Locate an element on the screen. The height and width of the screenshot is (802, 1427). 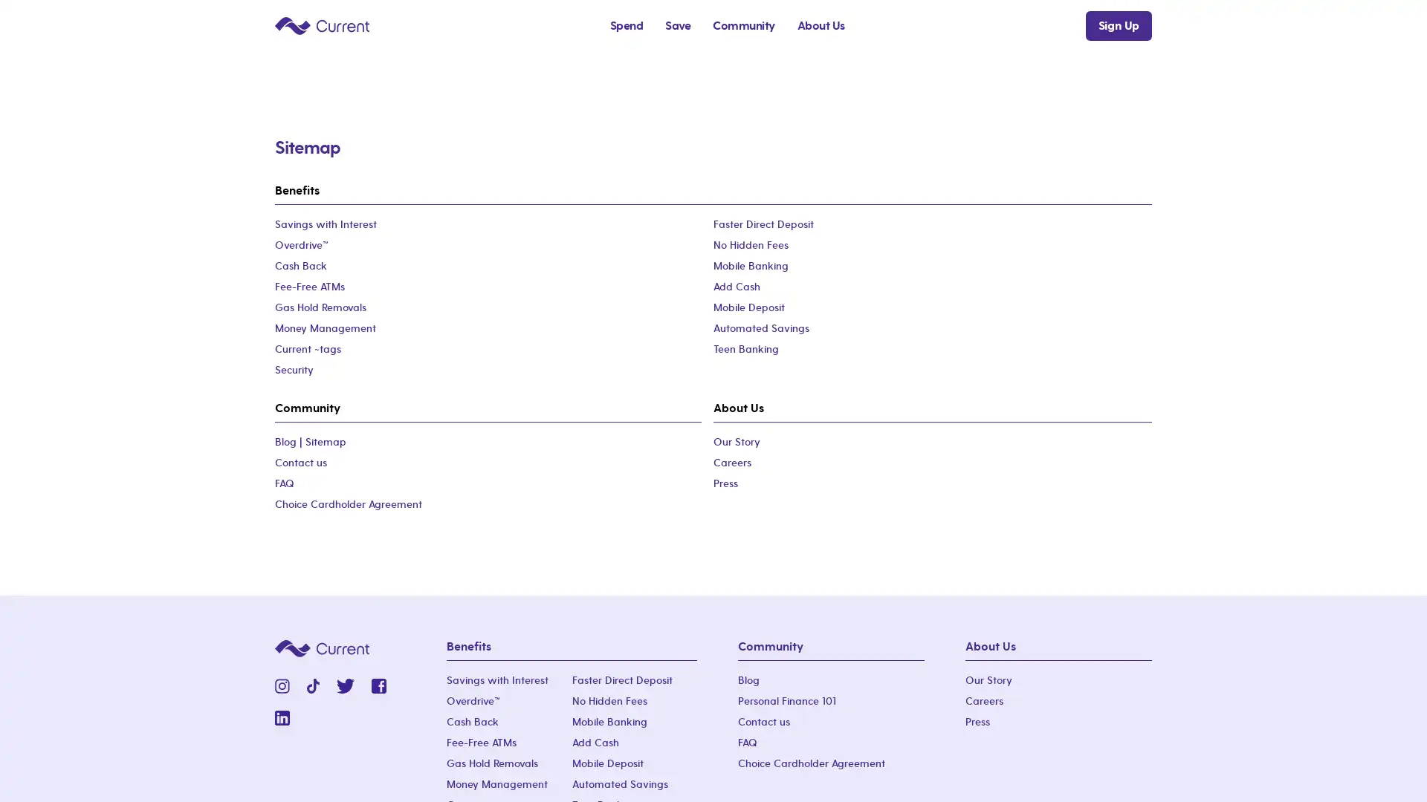
Press is located at coordinates (977, 721).